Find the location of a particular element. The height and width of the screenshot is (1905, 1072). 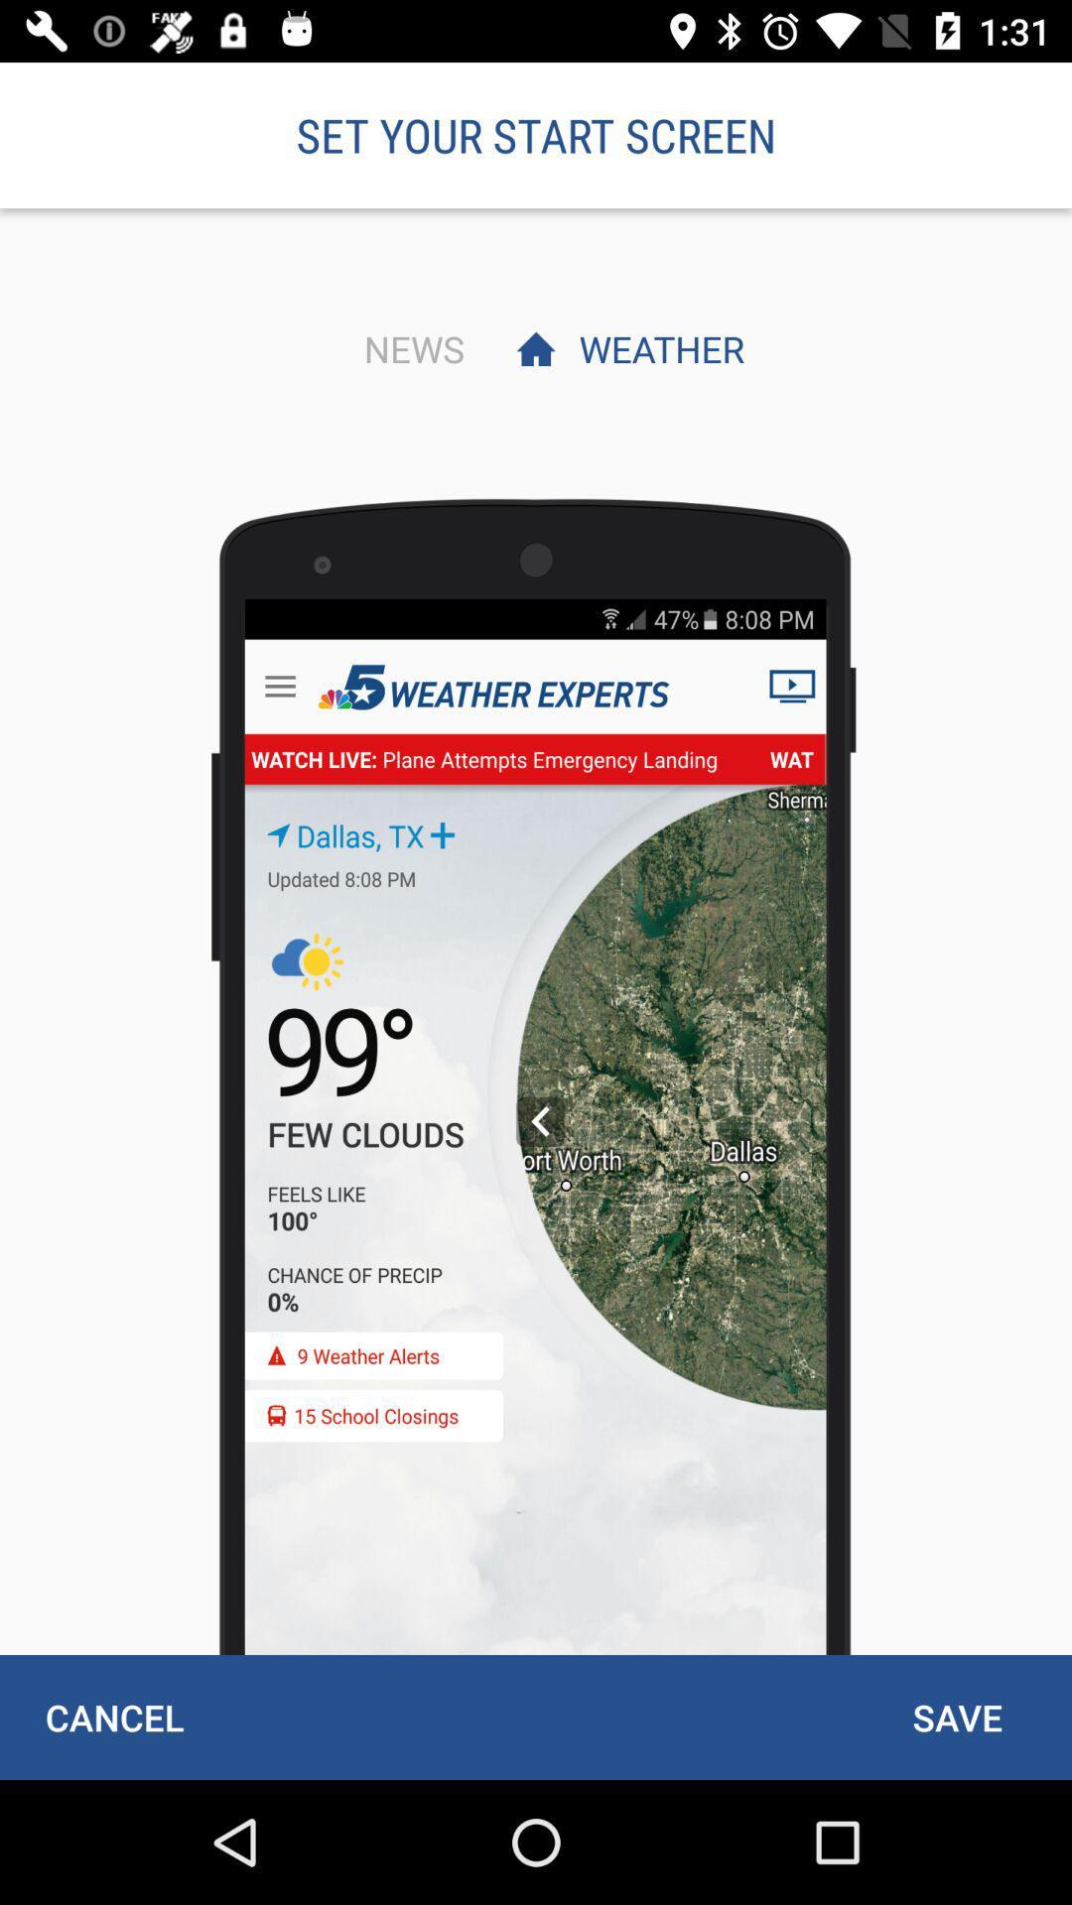

the news is located at coordinates (408, 348).